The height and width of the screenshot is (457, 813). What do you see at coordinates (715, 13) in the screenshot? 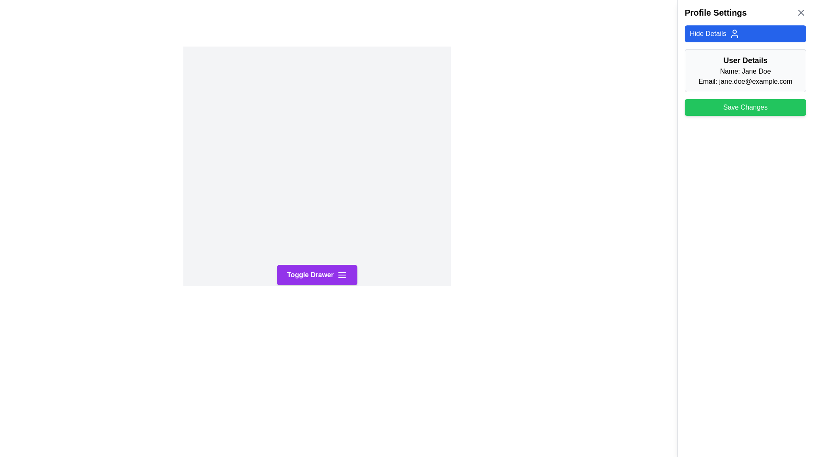
I see `the 'Profile Settings' header located at the top-left corner of the right-aligned sidebar panel` at bounding box center [715, 13].